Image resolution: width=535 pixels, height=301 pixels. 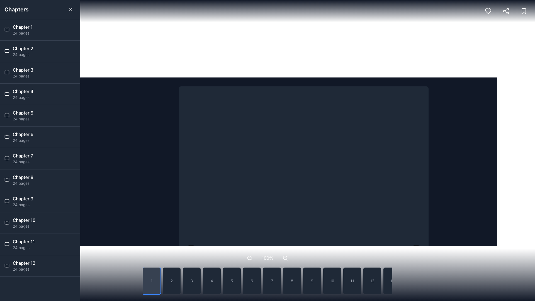 What do you see at coordinates (23, 115) in the screenshot?
I see `the fifth entry in the sidebar menu that represents Chapter 5, which contains 24 pages, to potentially view more details or highlights` at bounding box center [23, 115].